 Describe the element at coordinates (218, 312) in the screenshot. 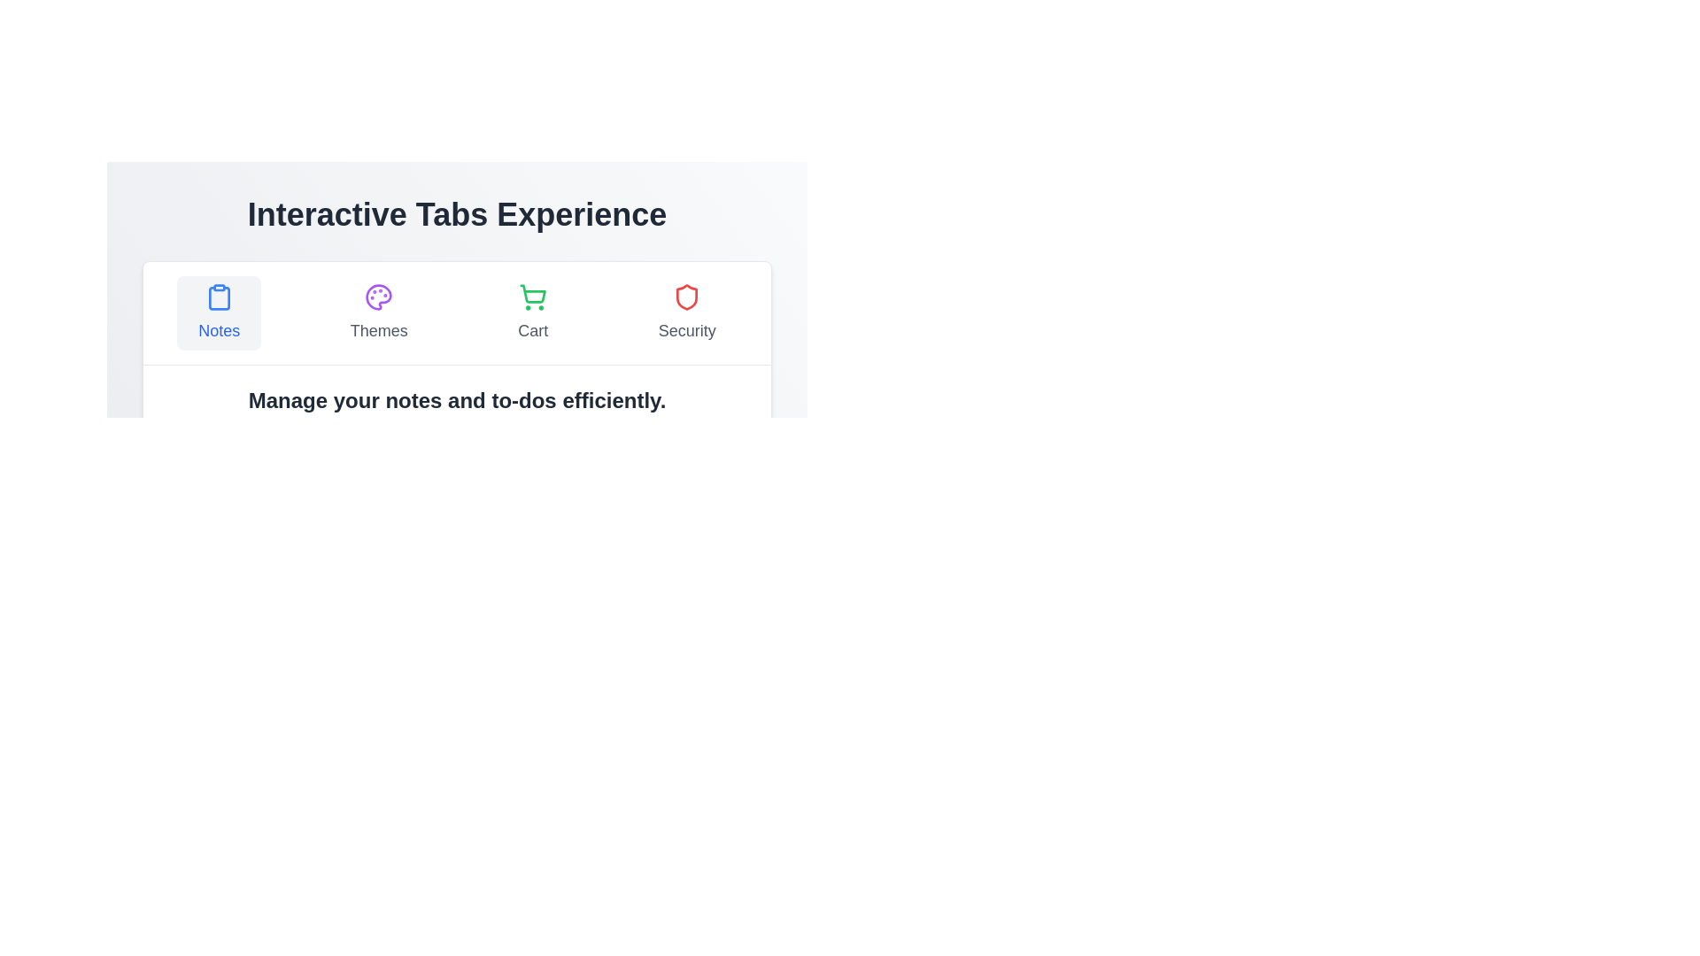

I see `the tab labeled Notes to switch views` at that location.